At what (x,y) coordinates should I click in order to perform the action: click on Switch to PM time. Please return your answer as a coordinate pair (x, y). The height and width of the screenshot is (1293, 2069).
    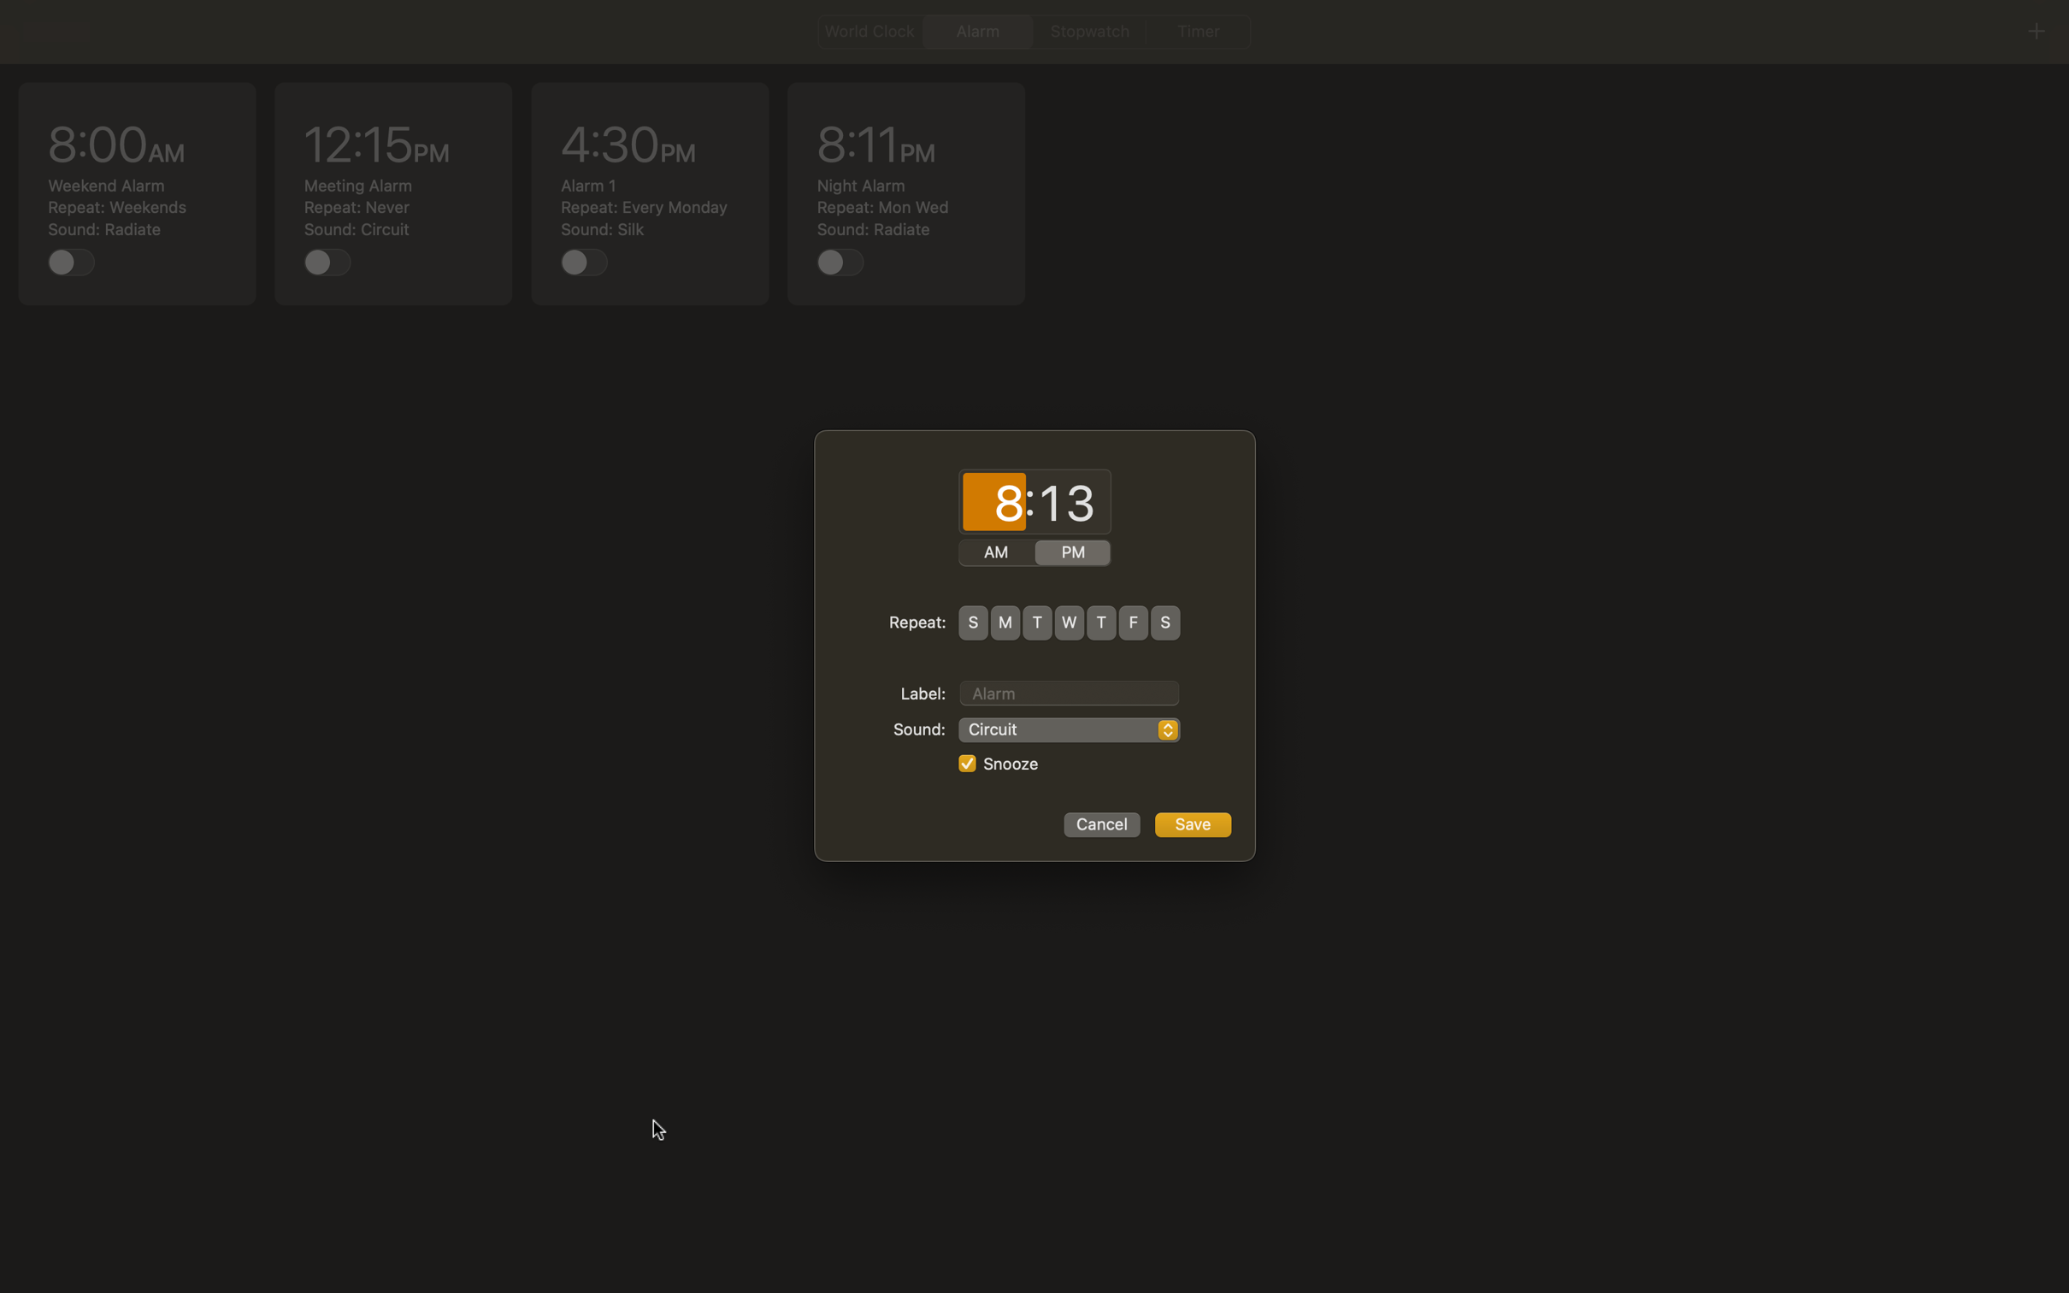
    Looking at the image, I should click on (1073, 553).